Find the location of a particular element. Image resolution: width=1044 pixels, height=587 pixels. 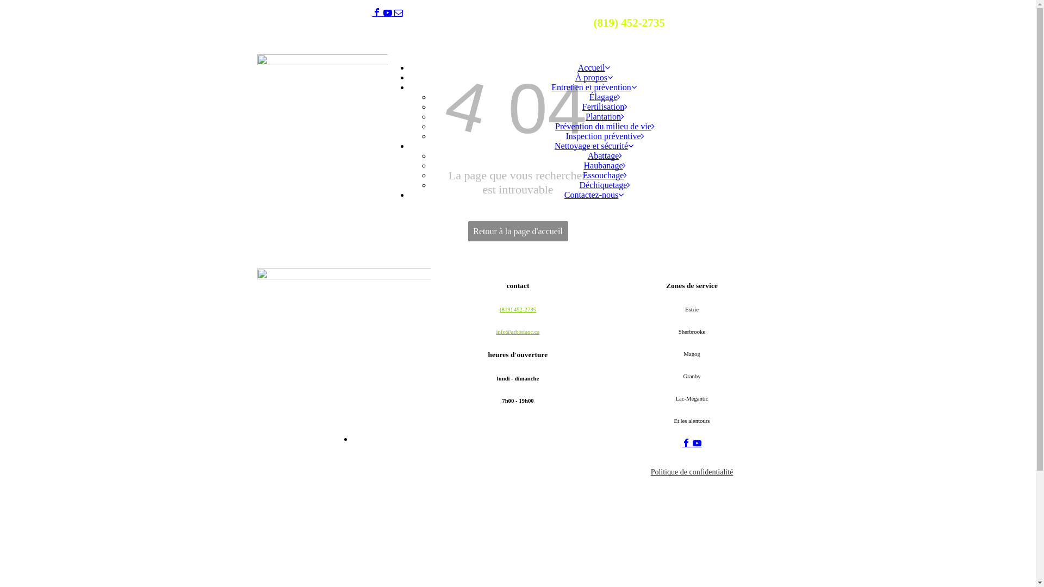

'Fertilisation' is located at coordinates (604, 107).